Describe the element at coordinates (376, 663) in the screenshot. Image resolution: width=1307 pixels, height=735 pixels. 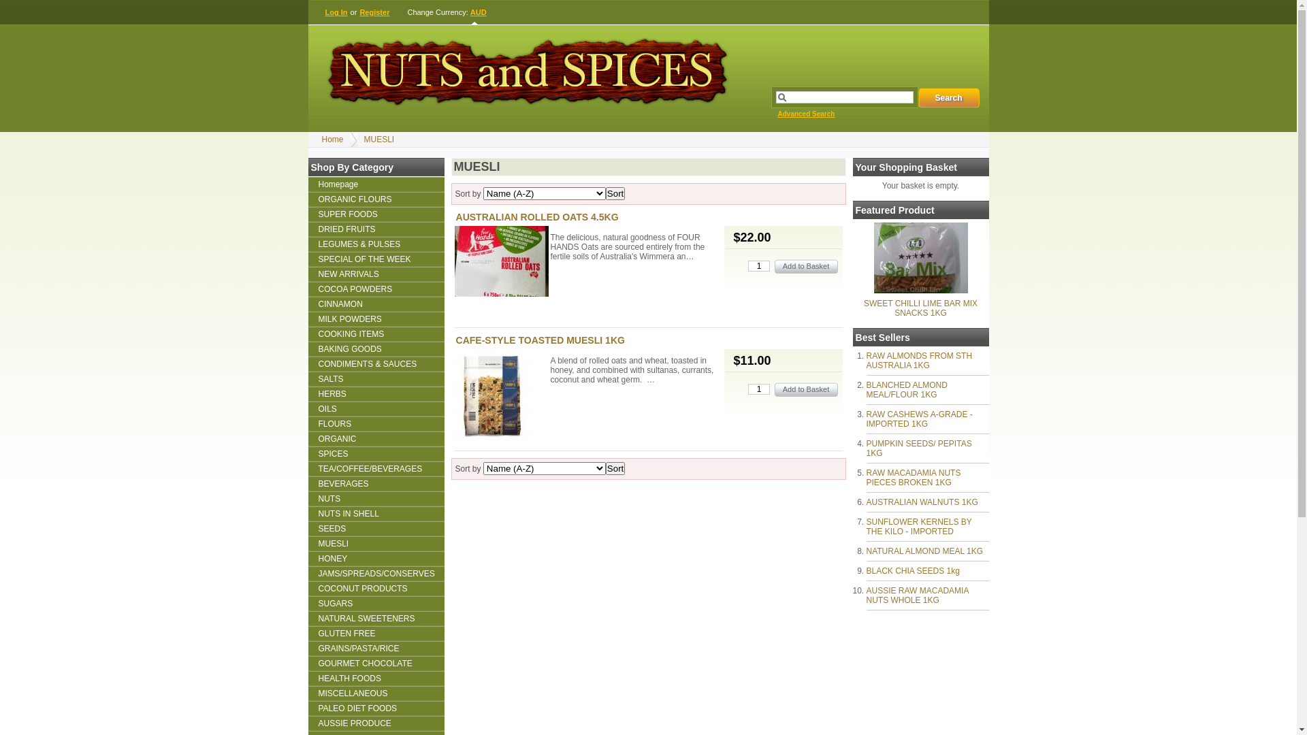
I see `'GOURMET CHOCOLATE'` at that location.